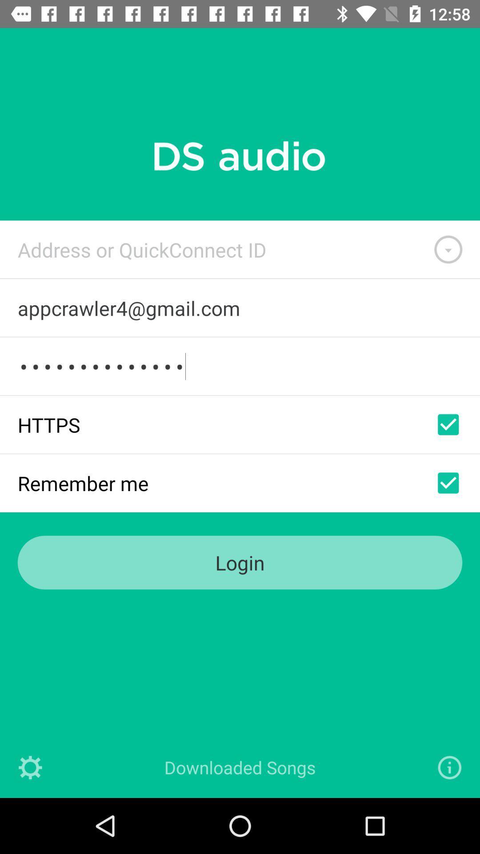 The width and height of the screenshot is (480, 854). Describe the element at coordinates (30, 767) in the screenshot. I see `settings` at that location.